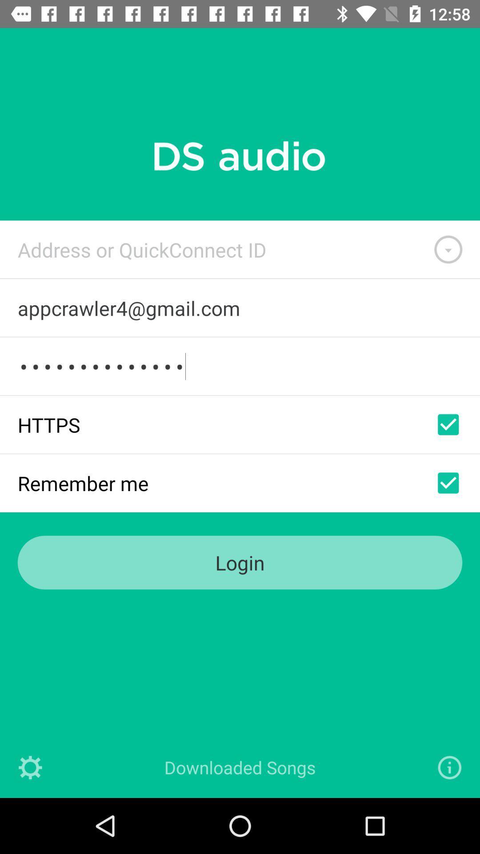 The width and height of the screenshot is (480, 854). Describe the element at coordinates (30, 767) in the screenshot. I see `settings` at that location.